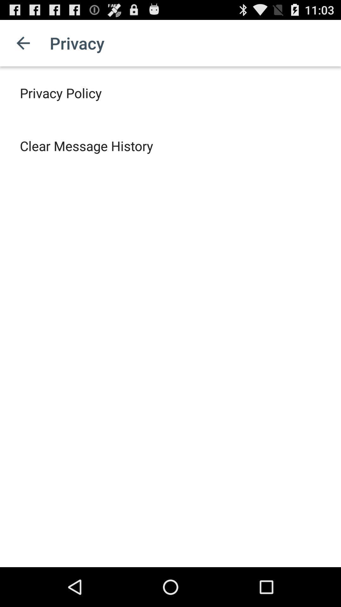 The width and height of the screenshot is (341, 607). What do you see at coordinates (87, 145) in the screenshot?
I see `app below privacy policy app` at bounding box center [87, 145].